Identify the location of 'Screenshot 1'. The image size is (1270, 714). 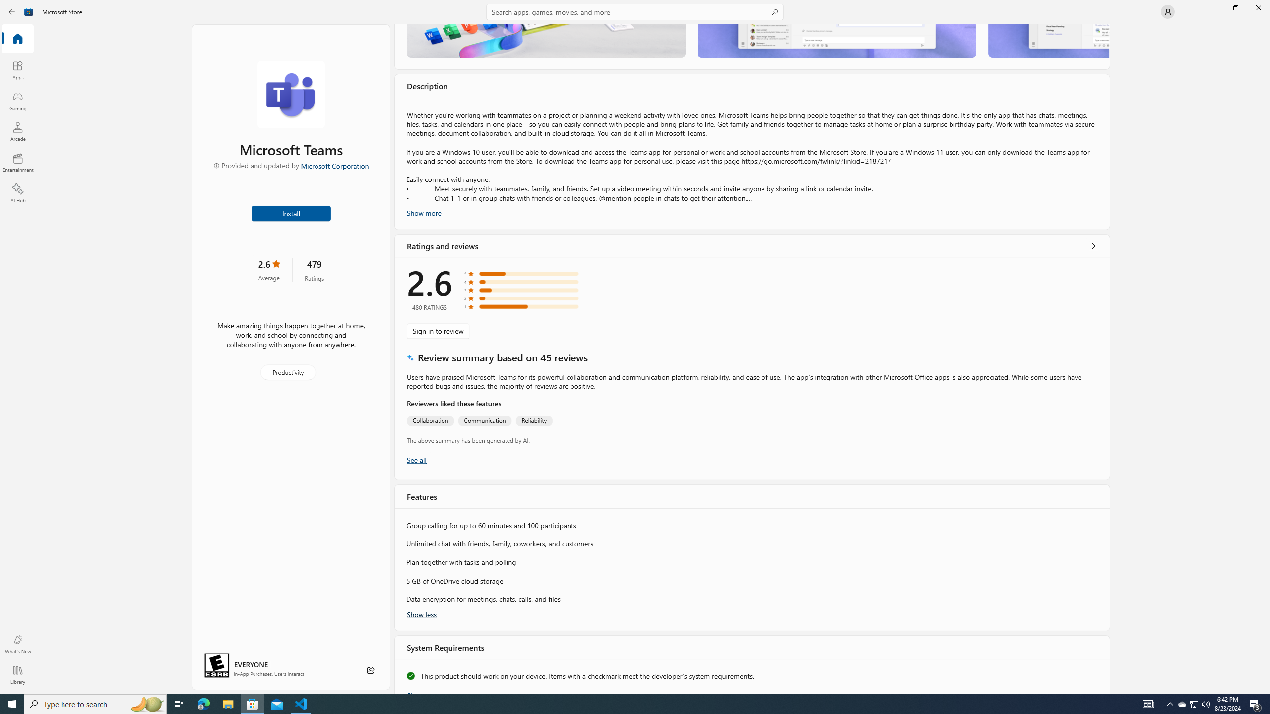
(546, 40).